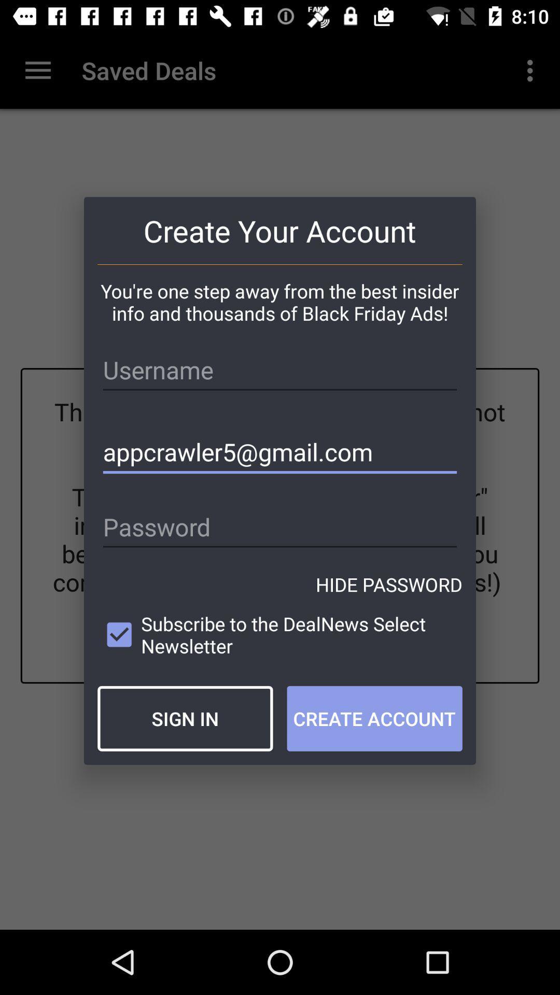 The image size is (560, 995). Describe the element at coordinates (389, 585) in the screenshot. I see `the hide password on the right` at that location.